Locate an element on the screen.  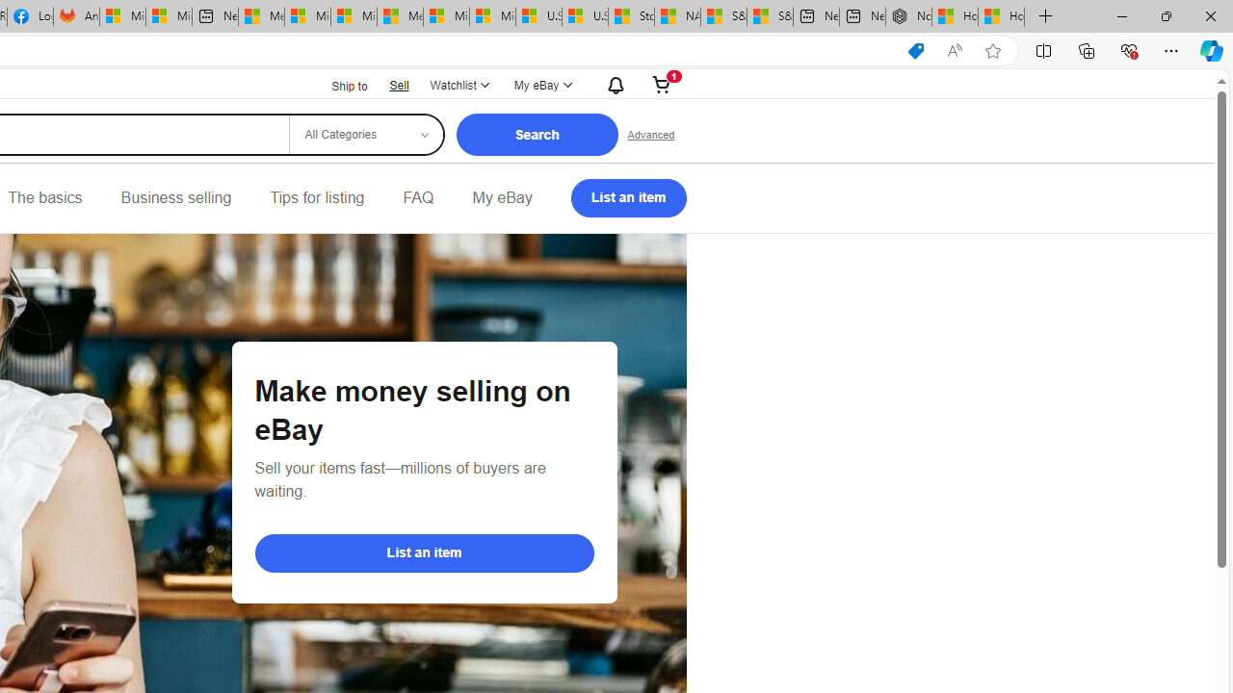
'Watchlist' is located at coordinates (458, 84).